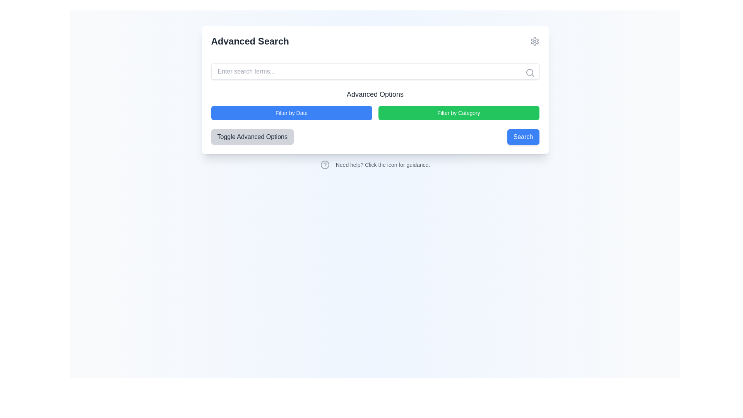 Image resolution: width=743 pixels, height=418 pixels. What do you see at coordinates (325, 164) in the screenshot?
I see `SVG Circle that is part of the help icon located at the bottom left of the main panel, below the 'Advanced Options' section` at bounding box center [325, 164].